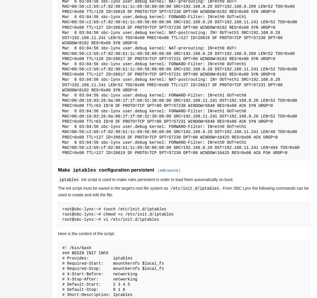 This screenshot has width=317, height=298. What do you see at coordinates (195, 188) in the screenshot?
I see `'/etc/init.d/iptables'` at bounding box center [195, 188].